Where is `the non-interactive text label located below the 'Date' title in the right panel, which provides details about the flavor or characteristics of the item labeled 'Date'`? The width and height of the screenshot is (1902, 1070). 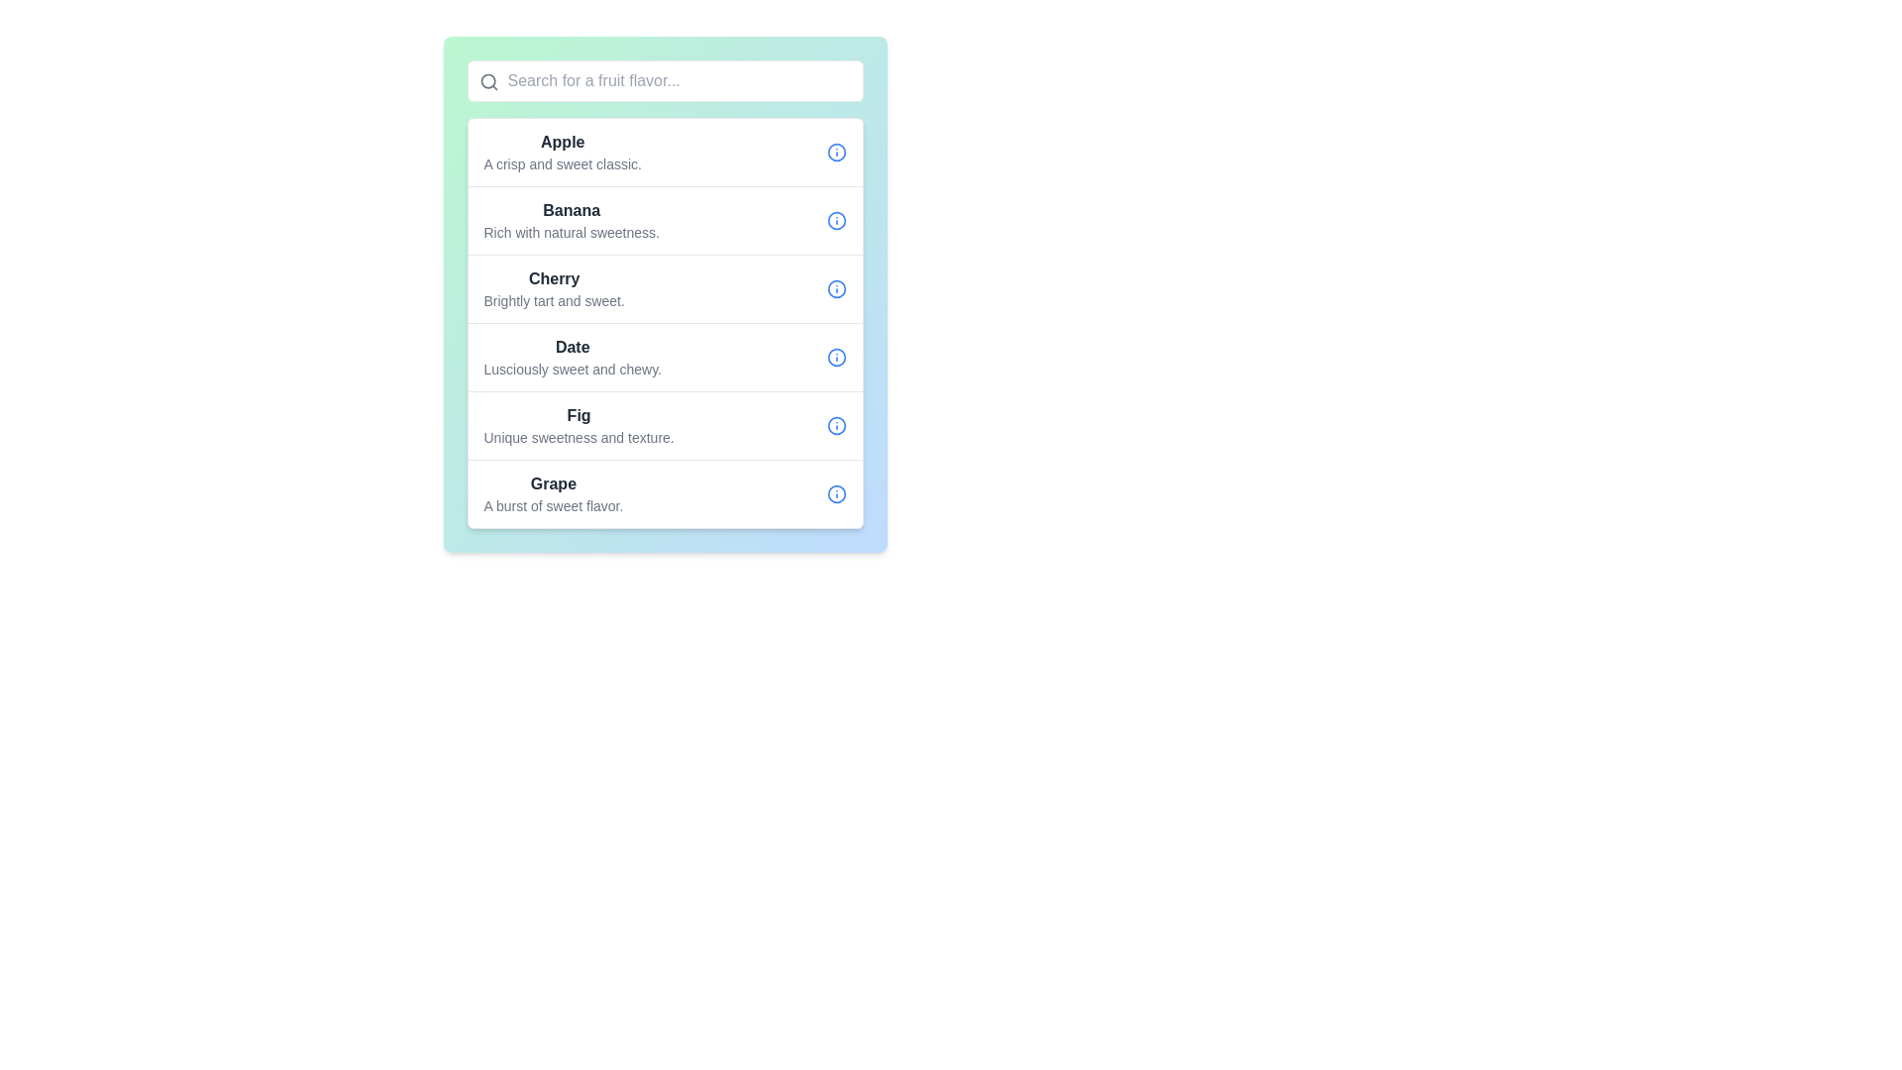
the non-interactive text label located below the 'Date' title in the right panel, which provides details about the flavor or characteristics of the item labeled 'Date' is located at coordinates (572, 370).